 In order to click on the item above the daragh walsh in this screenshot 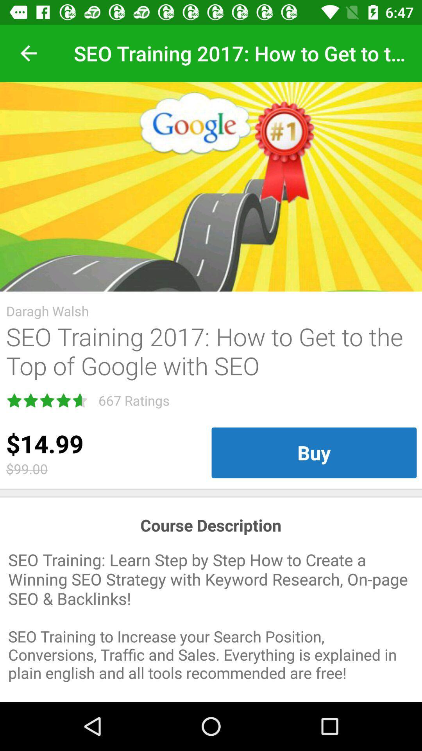, I will do `click(211, 186)`.